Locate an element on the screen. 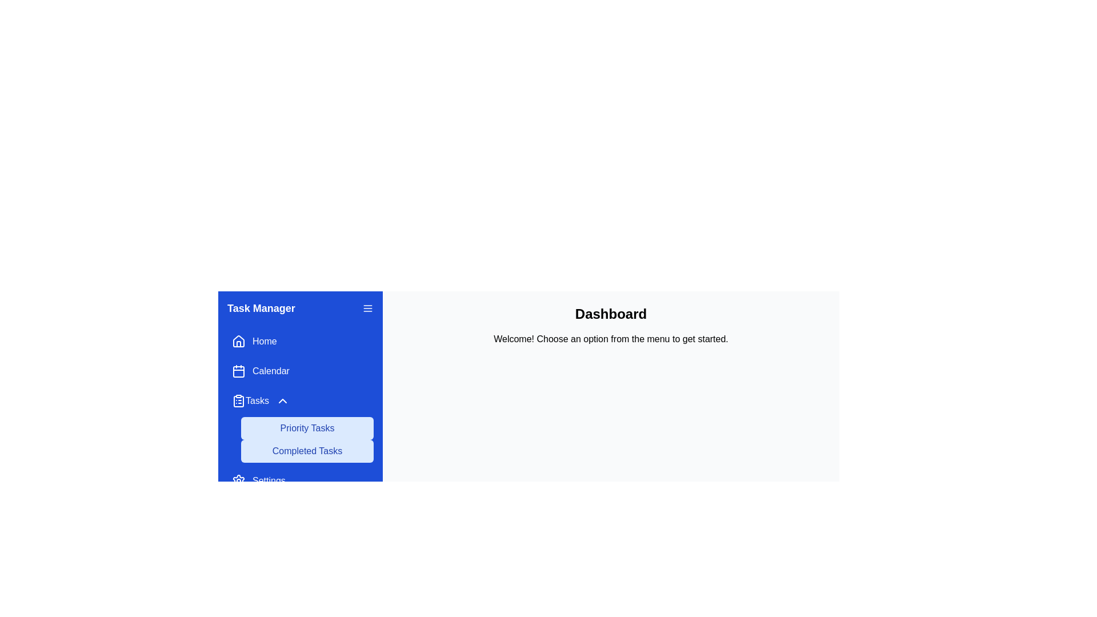  the upward-facing chevron icon located to the right of the 'Tasks' label in the navigation menu is located at coordinates (282, 400).